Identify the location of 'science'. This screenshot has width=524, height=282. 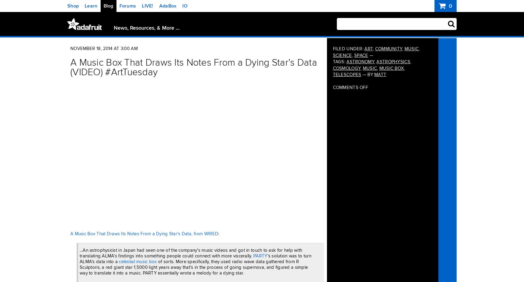
(342, 55).